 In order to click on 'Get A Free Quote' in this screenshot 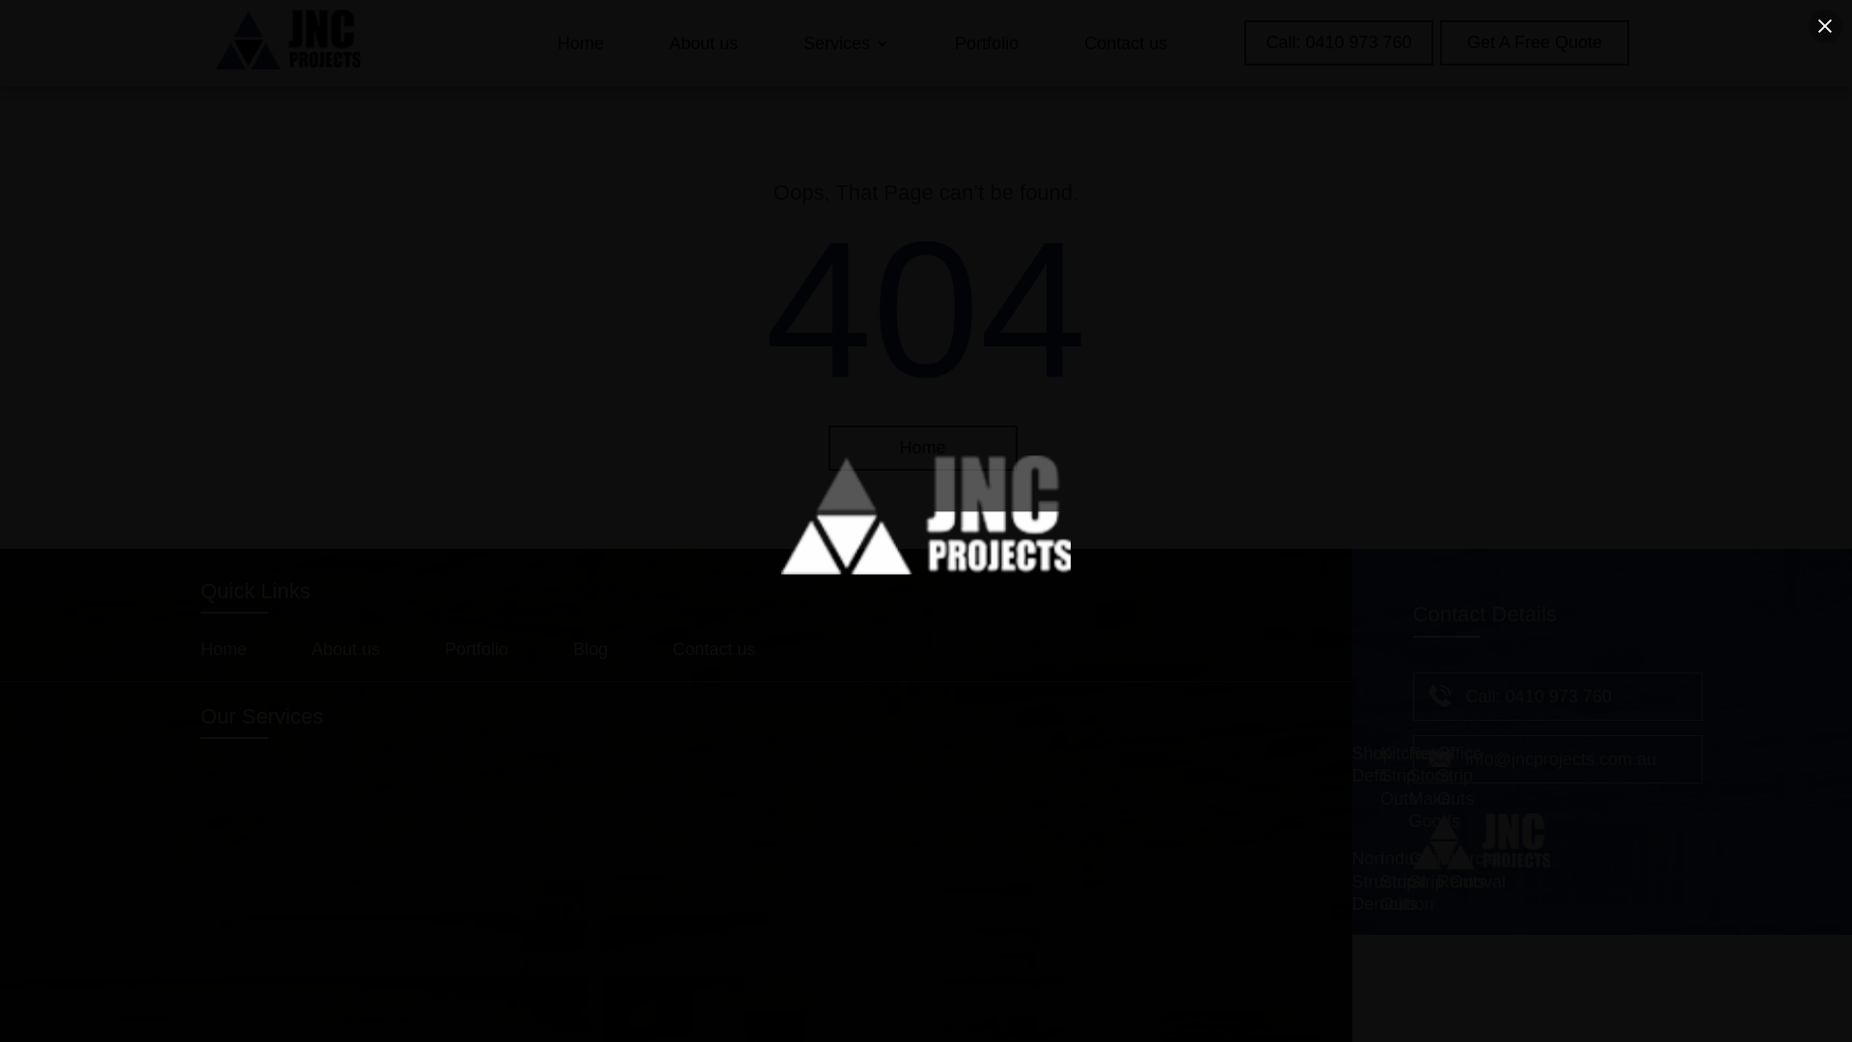, I will do `click(1533, 42)`.